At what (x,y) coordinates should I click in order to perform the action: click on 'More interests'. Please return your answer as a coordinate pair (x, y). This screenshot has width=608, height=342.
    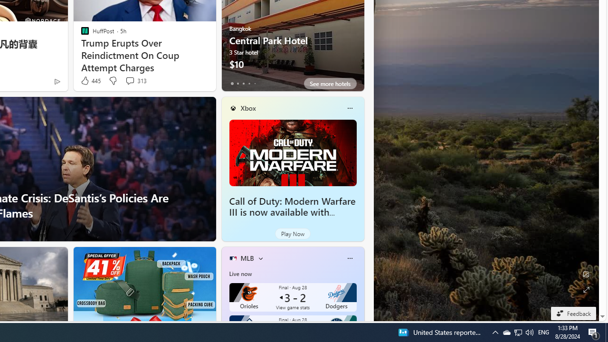
    Looking at the image, I should click on (260, 258).